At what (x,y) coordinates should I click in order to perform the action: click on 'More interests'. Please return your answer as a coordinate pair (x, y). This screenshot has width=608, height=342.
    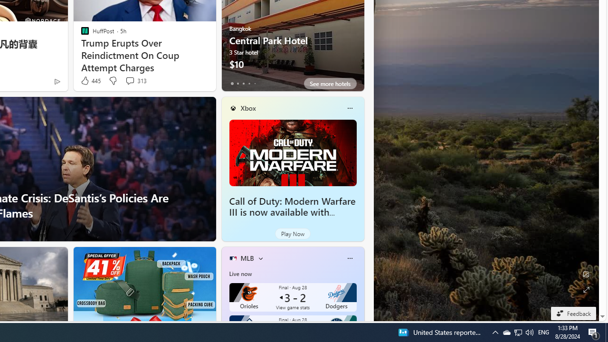
    Looking at the image, I should click on (260, 258).